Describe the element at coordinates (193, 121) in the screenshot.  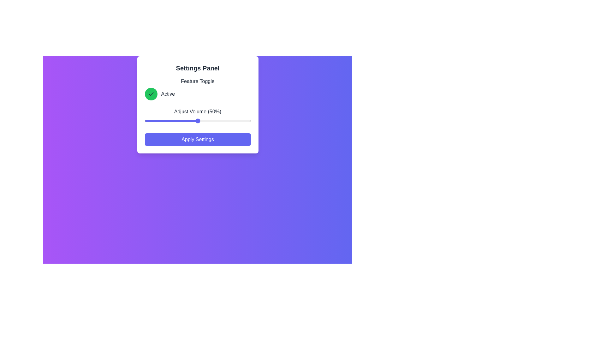
I see `volume` at that location.